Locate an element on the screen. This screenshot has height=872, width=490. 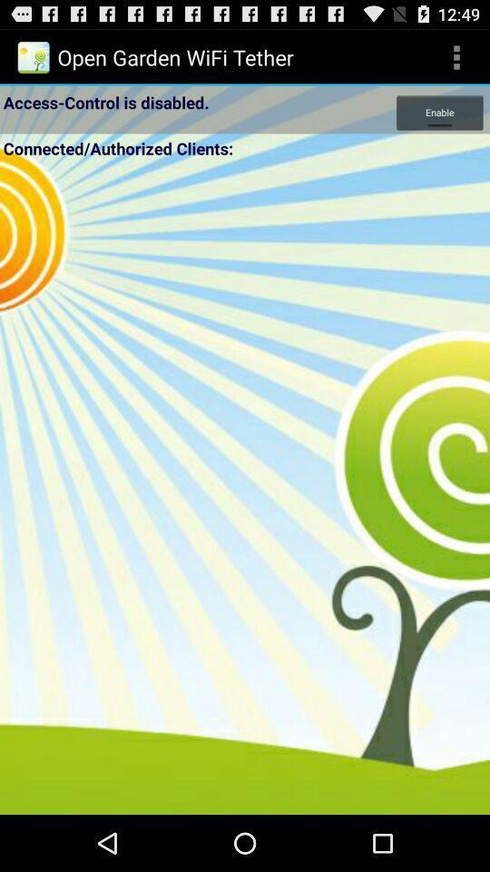
image is located at coordinates (245, 487).